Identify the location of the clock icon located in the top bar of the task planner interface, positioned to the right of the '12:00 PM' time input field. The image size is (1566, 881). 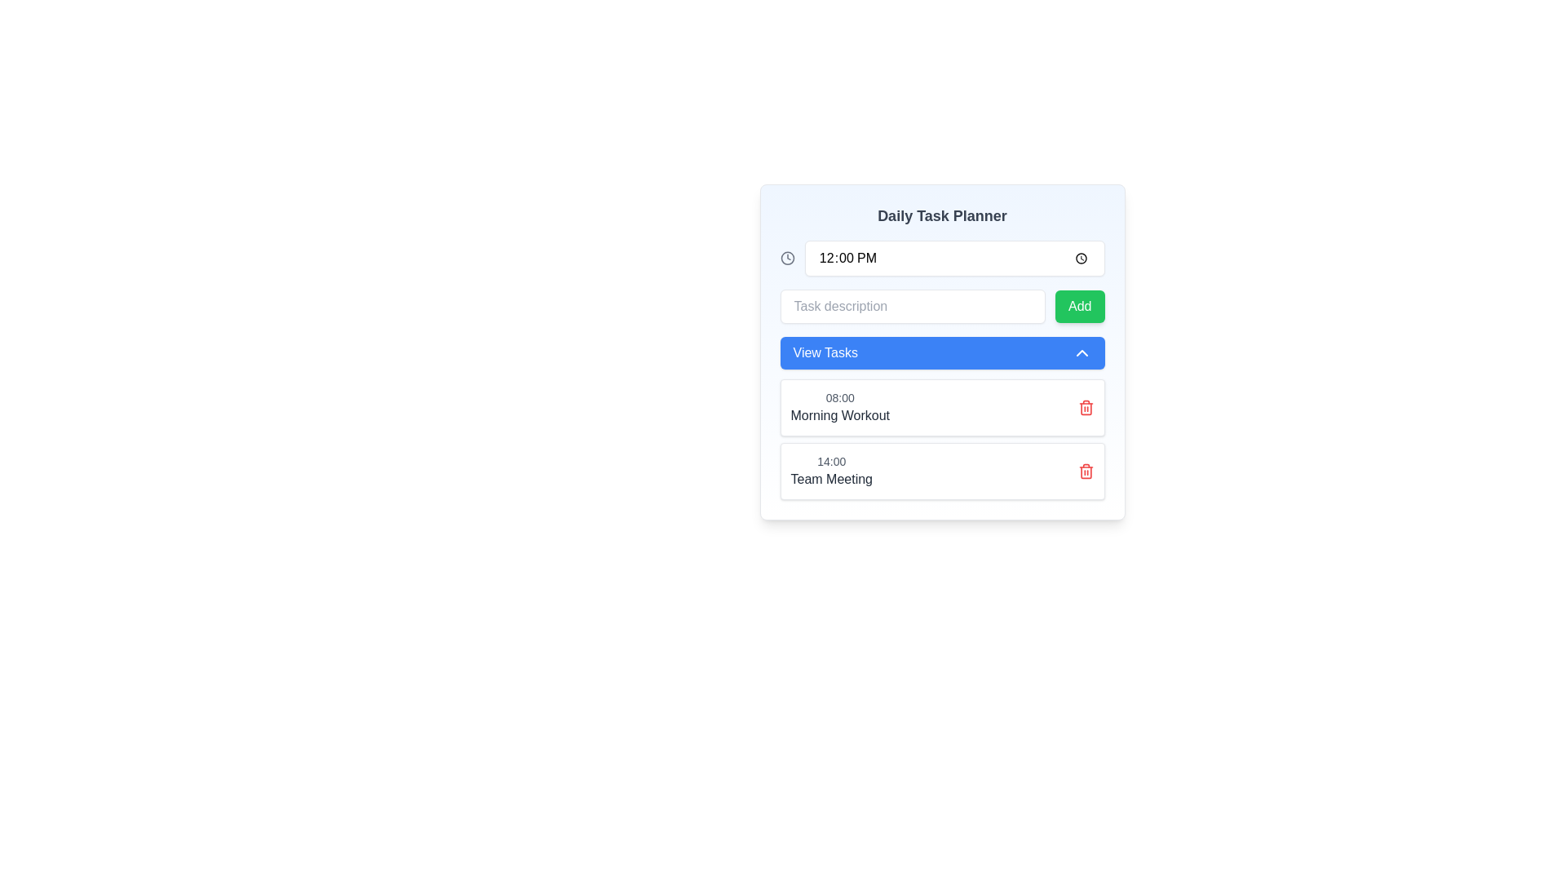
(787, 257).